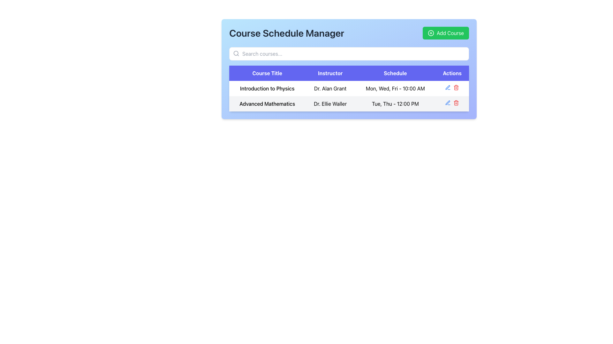  I want to click on the 'Course Title' label, which is a bold white text on a purple background, so click(267, 73).